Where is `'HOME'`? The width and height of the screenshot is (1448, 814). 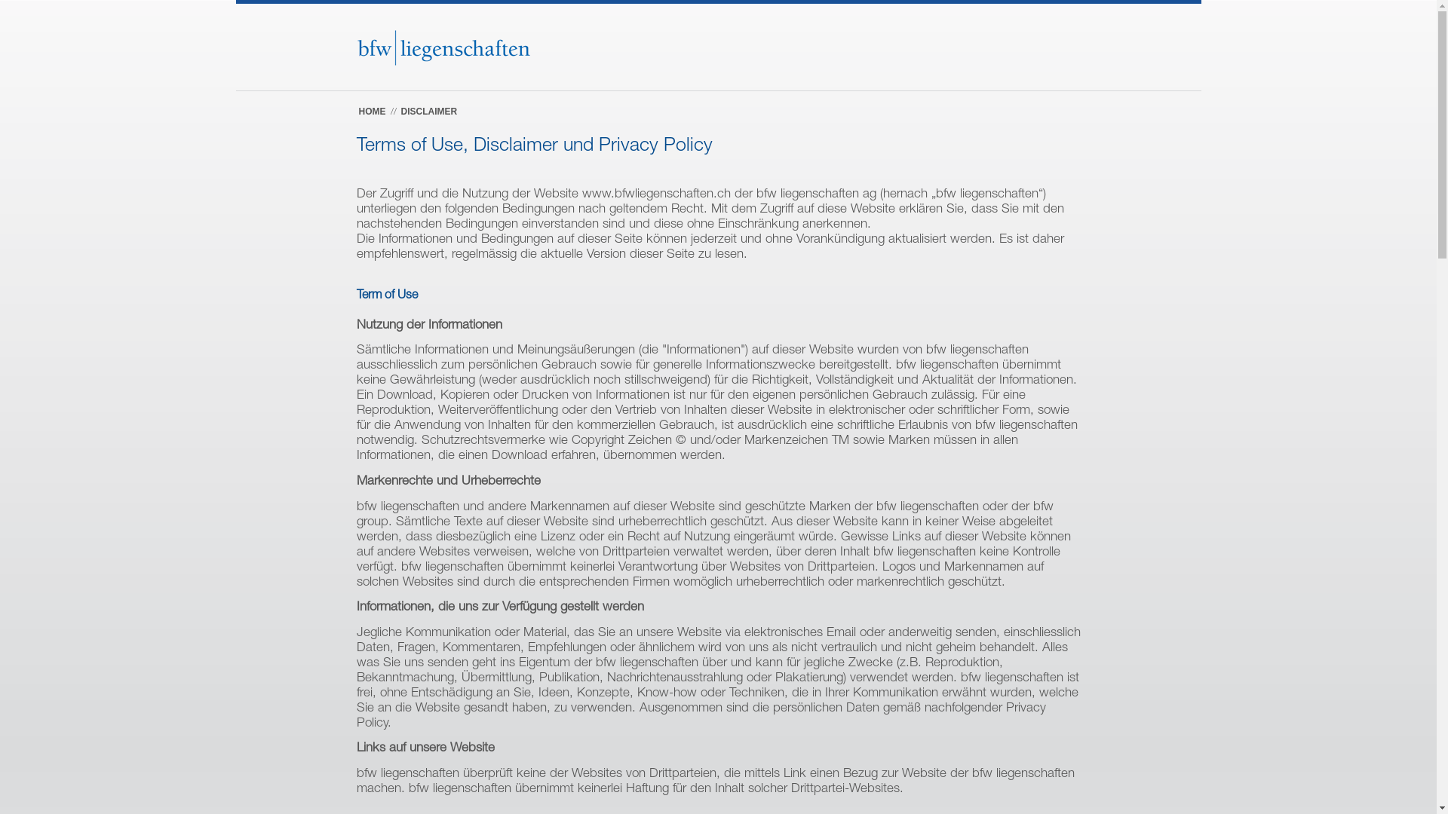
'HOME' is located at coordinates (373, 110).